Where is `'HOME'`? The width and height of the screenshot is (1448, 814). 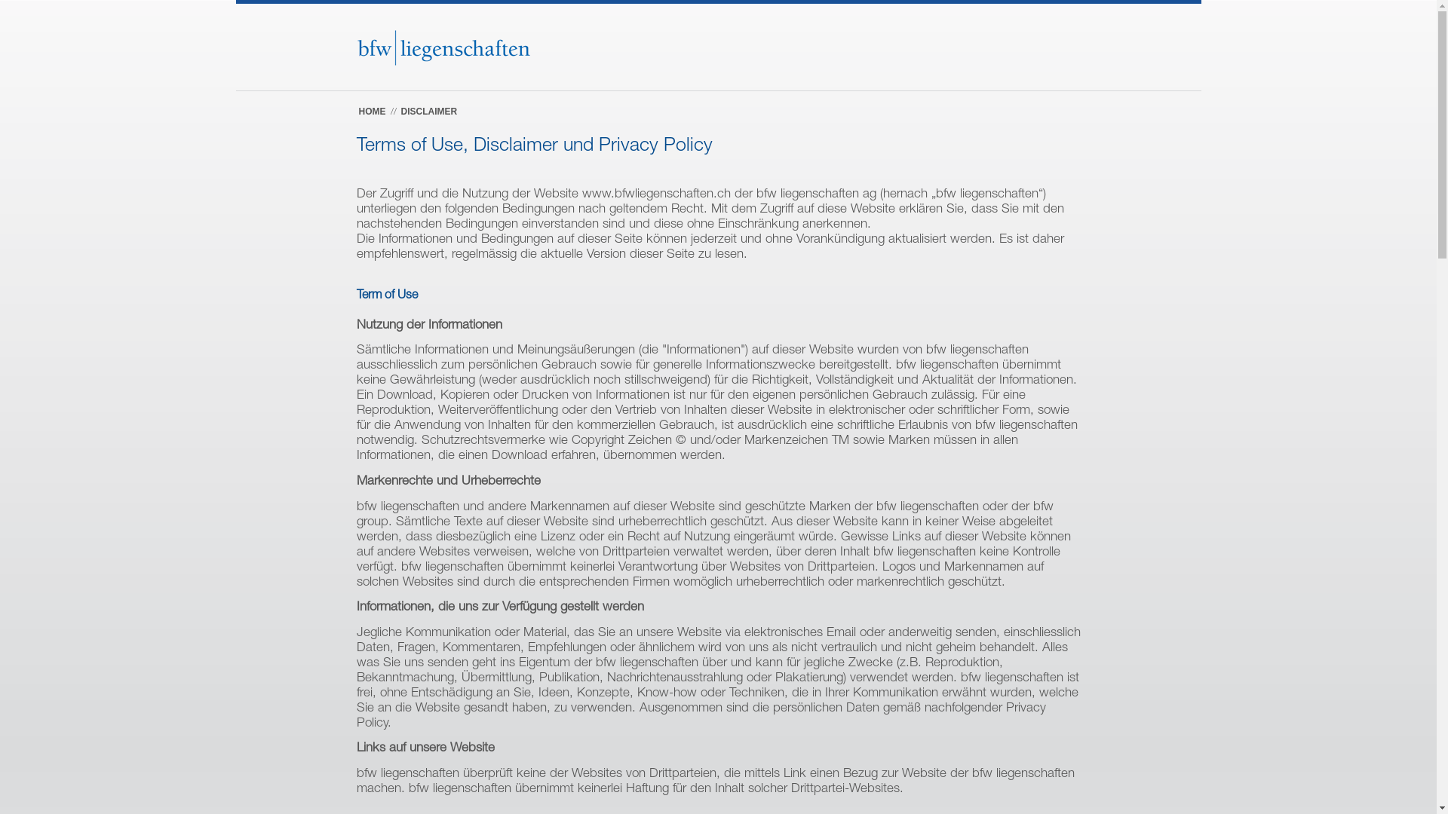
'HOME' is located at coordinates (373, 110).